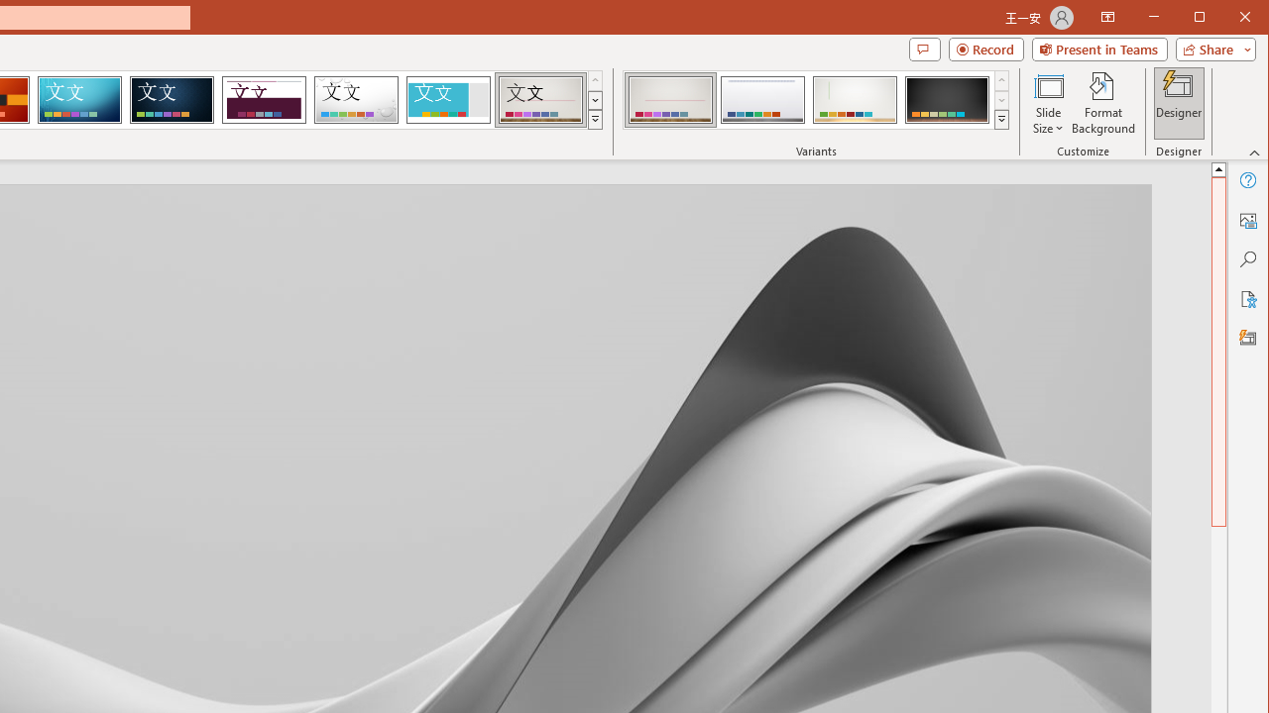 This screenshot has height=713, width=1269. Describe the element at coordinates (817, 100) in the screenshot. I see `'AutomationID: ThemeVariantsGallery'` at that location.